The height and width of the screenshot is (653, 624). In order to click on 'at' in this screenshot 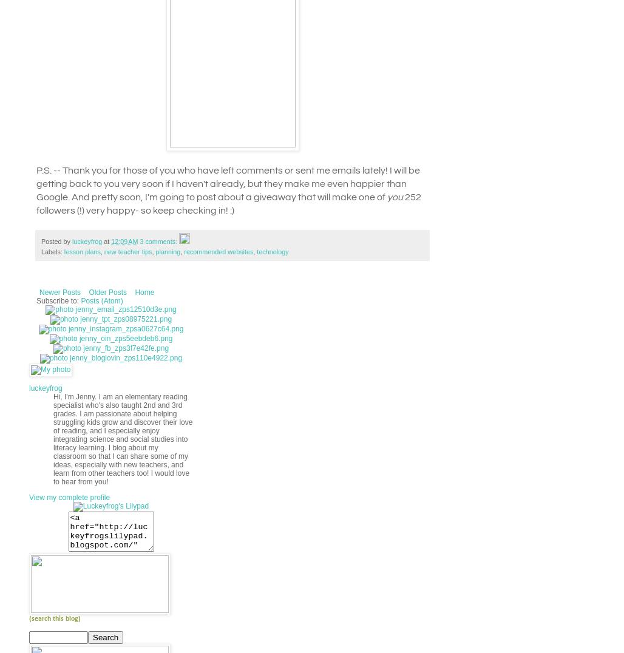, I will do `click(107, 240)`.